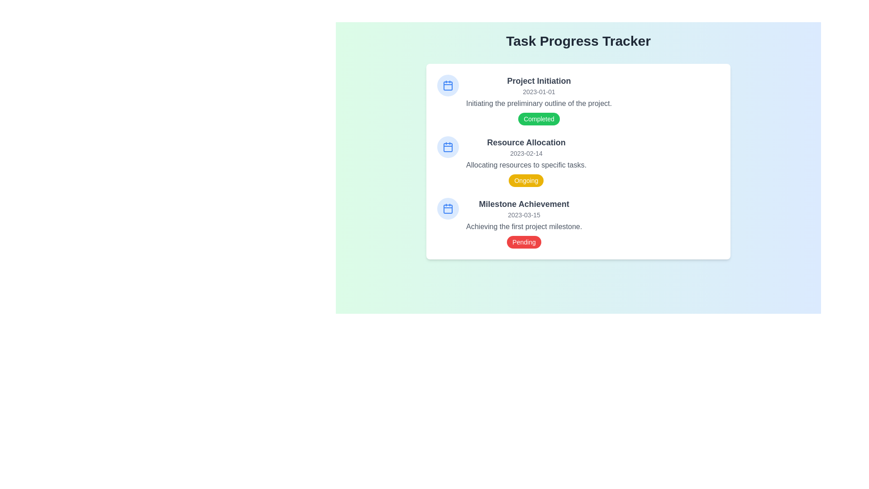 This screenshot has width=869, height=489. What do you see at coordinates (448, 147) in the screenshot?
I see `the calendar icon that contains the small rectangular shape with rounded corners representing a calendar page` at bounding box center [448, 147].